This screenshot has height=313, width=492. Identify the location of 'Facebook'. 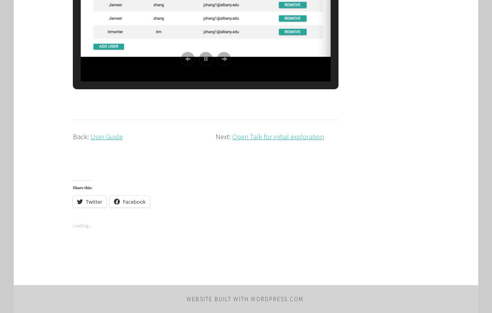
(134, 201).